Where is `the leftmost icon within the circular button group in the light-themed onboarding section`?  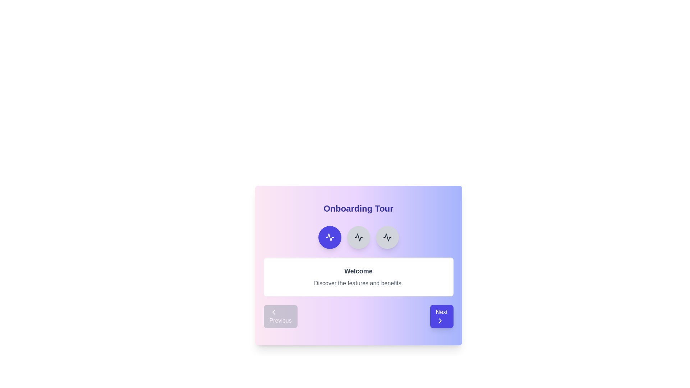
the leftmost icon within the circular button group in the light-themed onboarding section is located at coordinates (329, 237).